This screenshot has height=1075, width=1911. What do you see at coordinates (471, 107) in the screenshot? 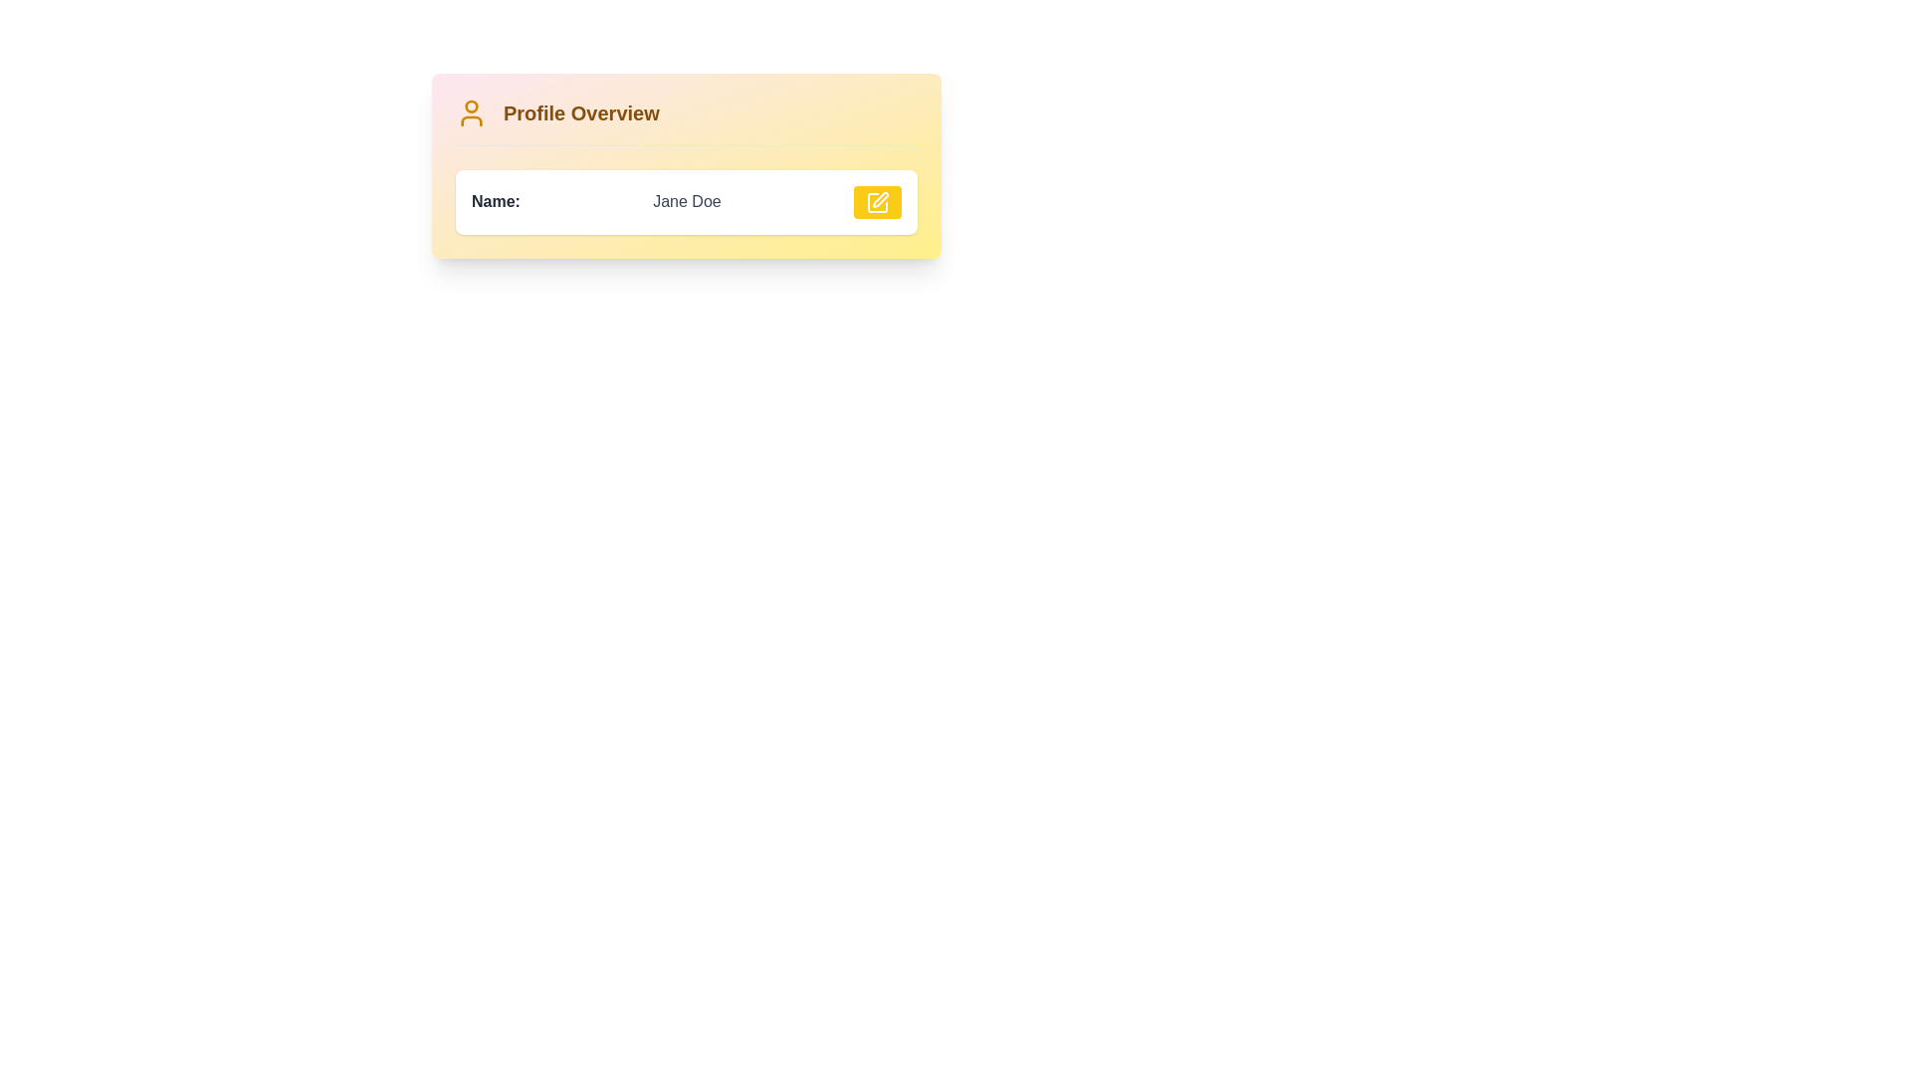
I see `the small circular graphical component located at the top-central area of the profile icon` at bounding box center [471, 107].